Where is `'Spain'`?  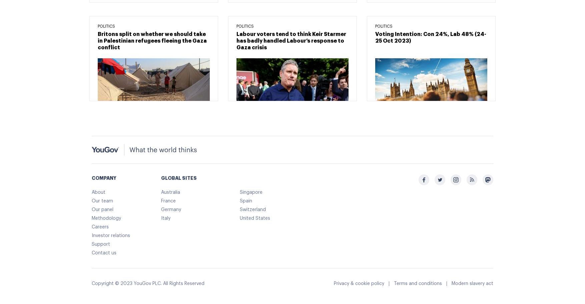 'Spain' is located at coordinates (246, 201).